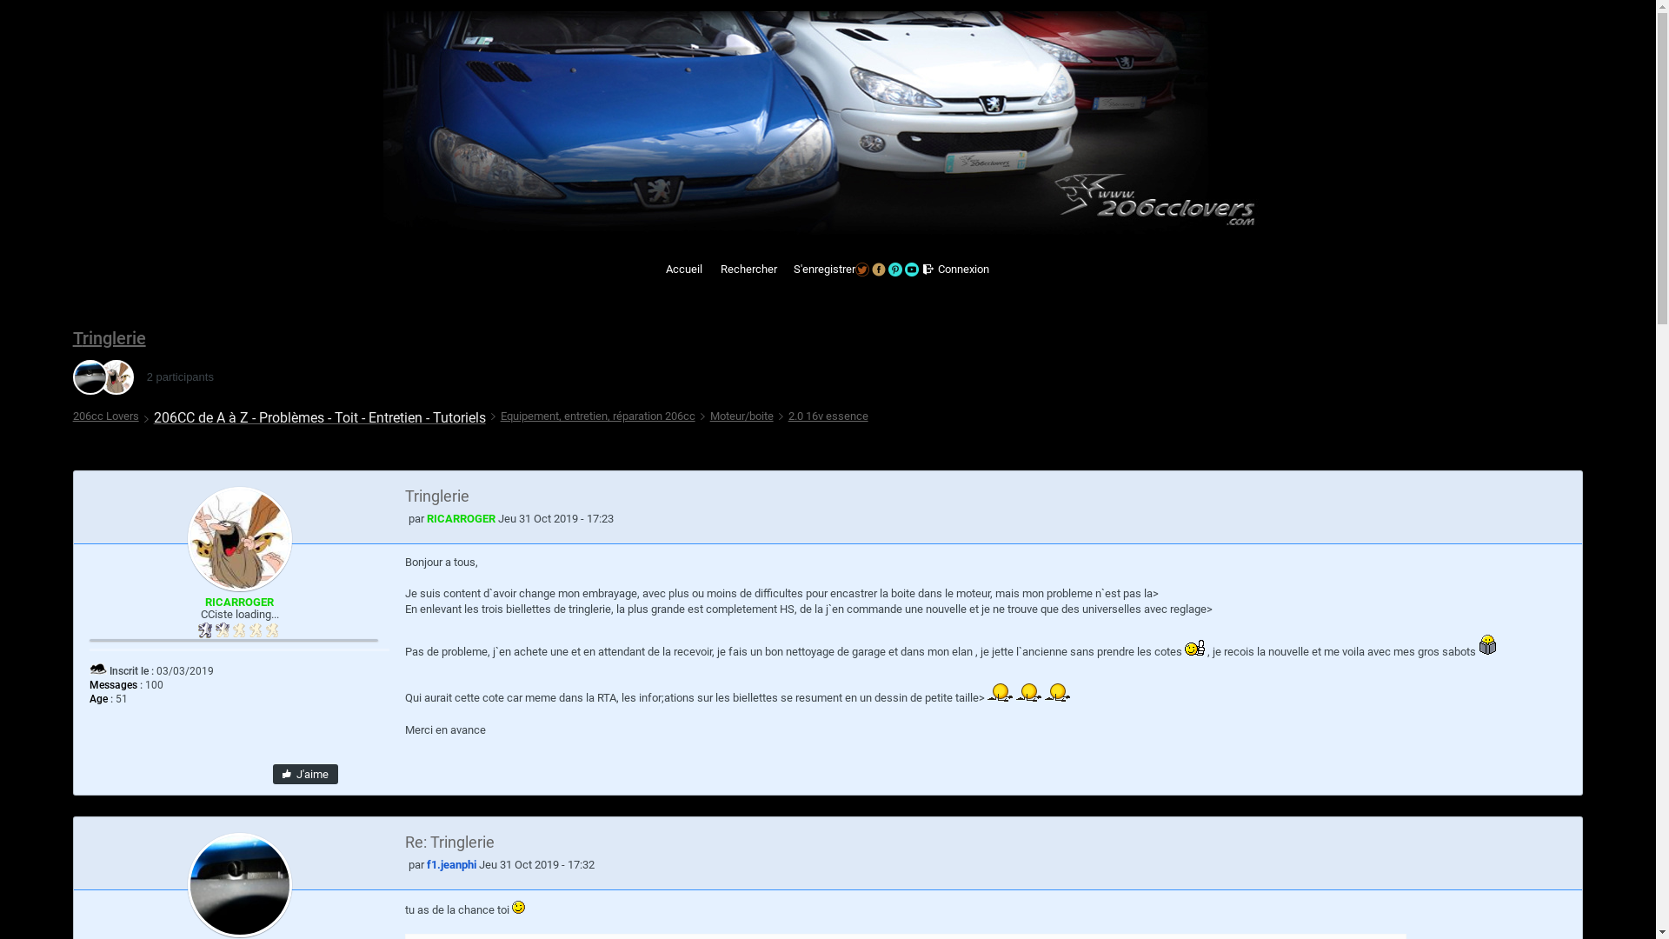  What do you see at coordinates (783, 269) in the screenshot?
I see `'S'enregistrer'` at bounding box center [783, 269].